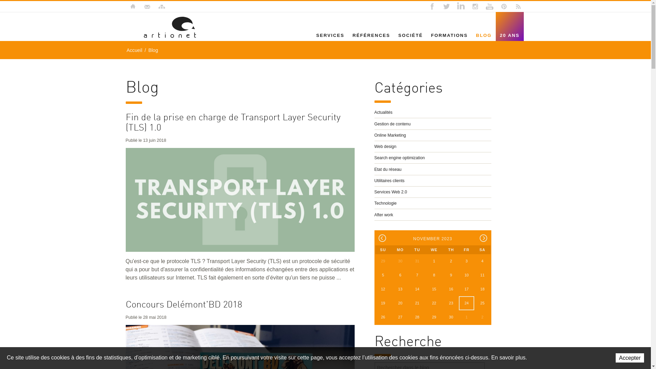 This screenshot has width=656, height=369. I want to click on '20 ANS', so click(510, 35).